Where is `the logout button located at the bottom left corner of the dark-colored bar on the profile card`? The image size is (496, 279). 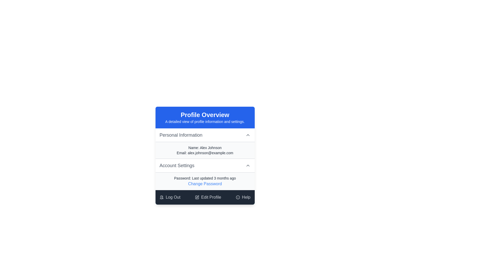 the logout button located at the bottom left corner of the dark-colored bar on the profile card is located at coordinates (170, 197).